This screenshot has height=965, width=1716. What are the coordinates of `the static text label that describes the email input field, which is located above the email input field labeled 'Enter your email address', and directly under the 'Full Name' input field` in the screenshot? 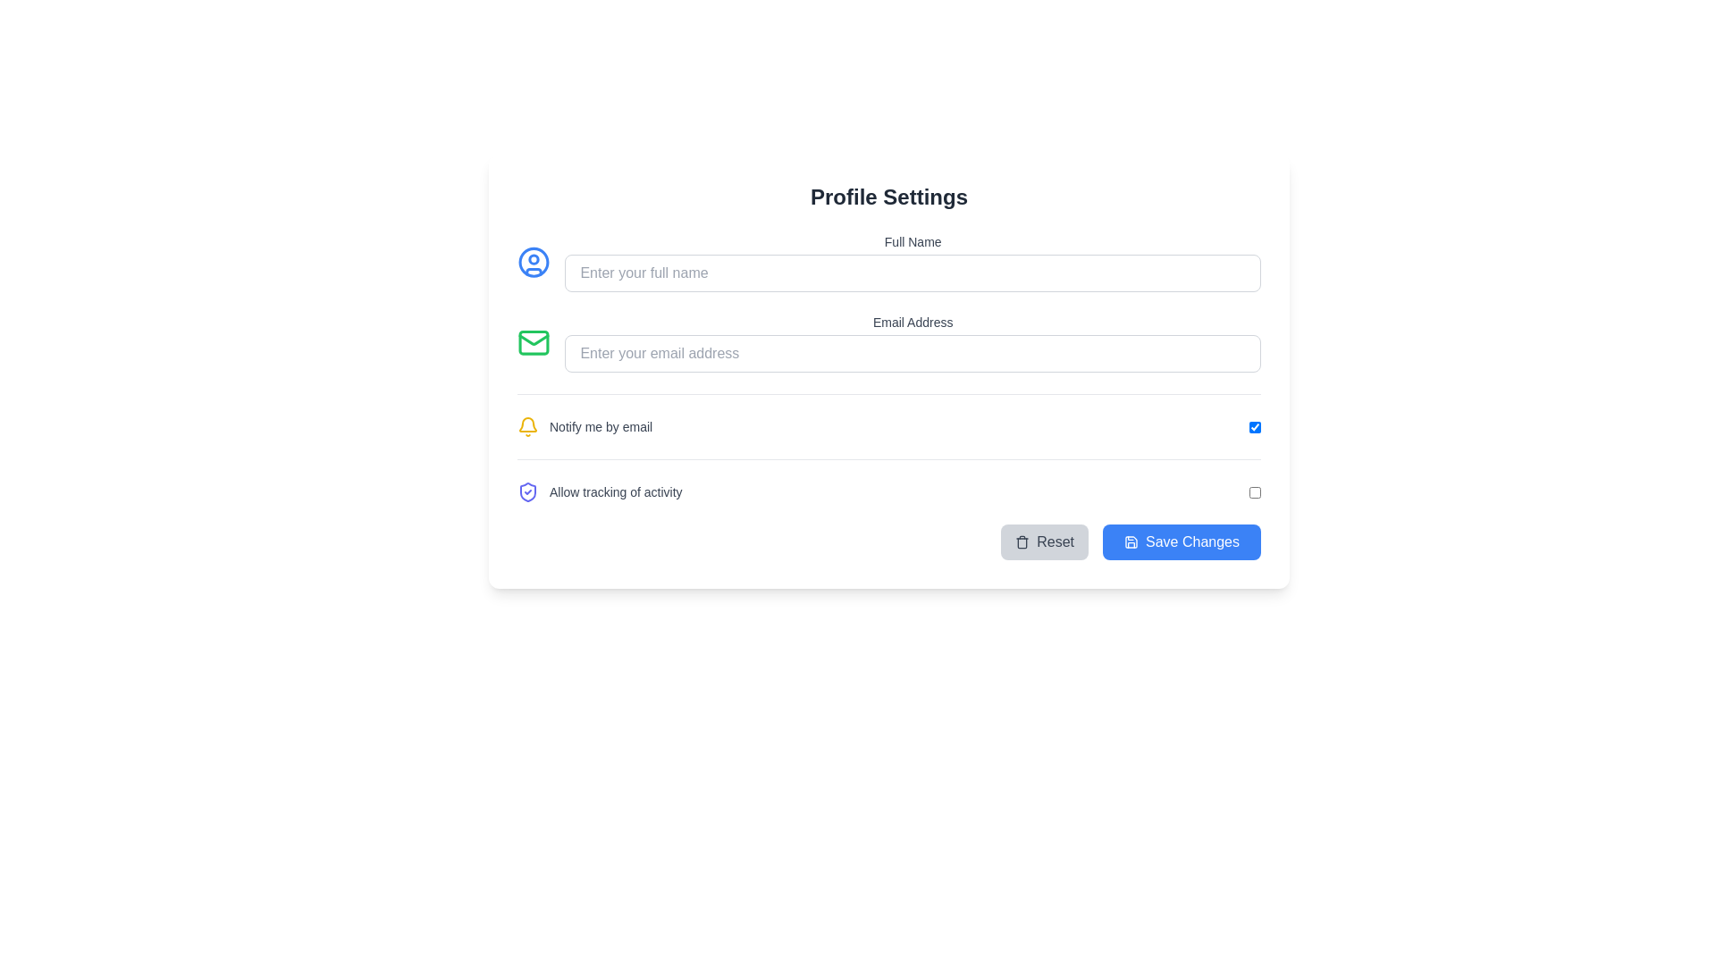 It's located at (913, 323).